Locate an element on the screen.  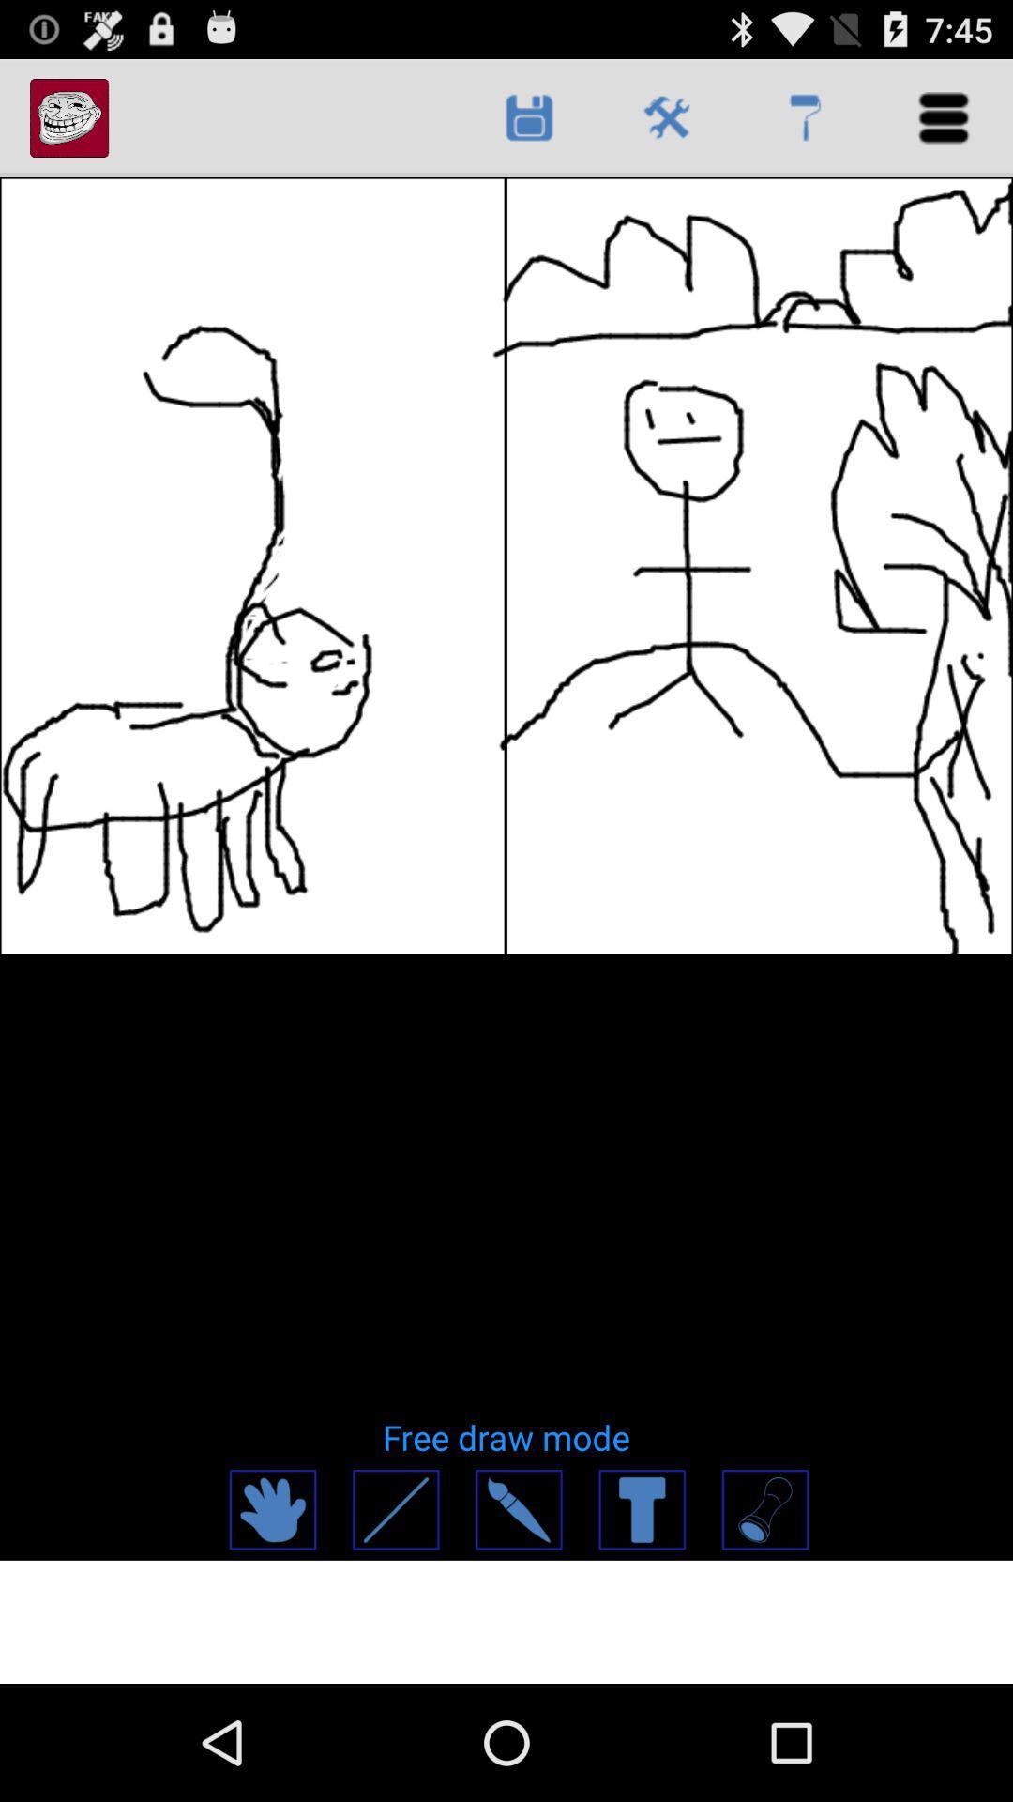
line option is located at coordinates (394, 1509).